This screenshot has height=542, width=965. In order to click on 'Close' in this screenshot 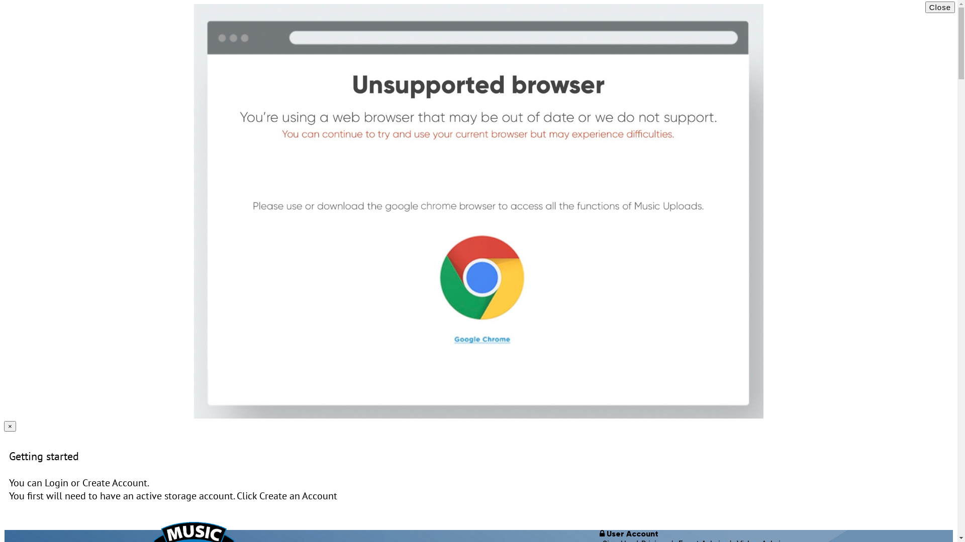, I will do `click(939, 7)`.